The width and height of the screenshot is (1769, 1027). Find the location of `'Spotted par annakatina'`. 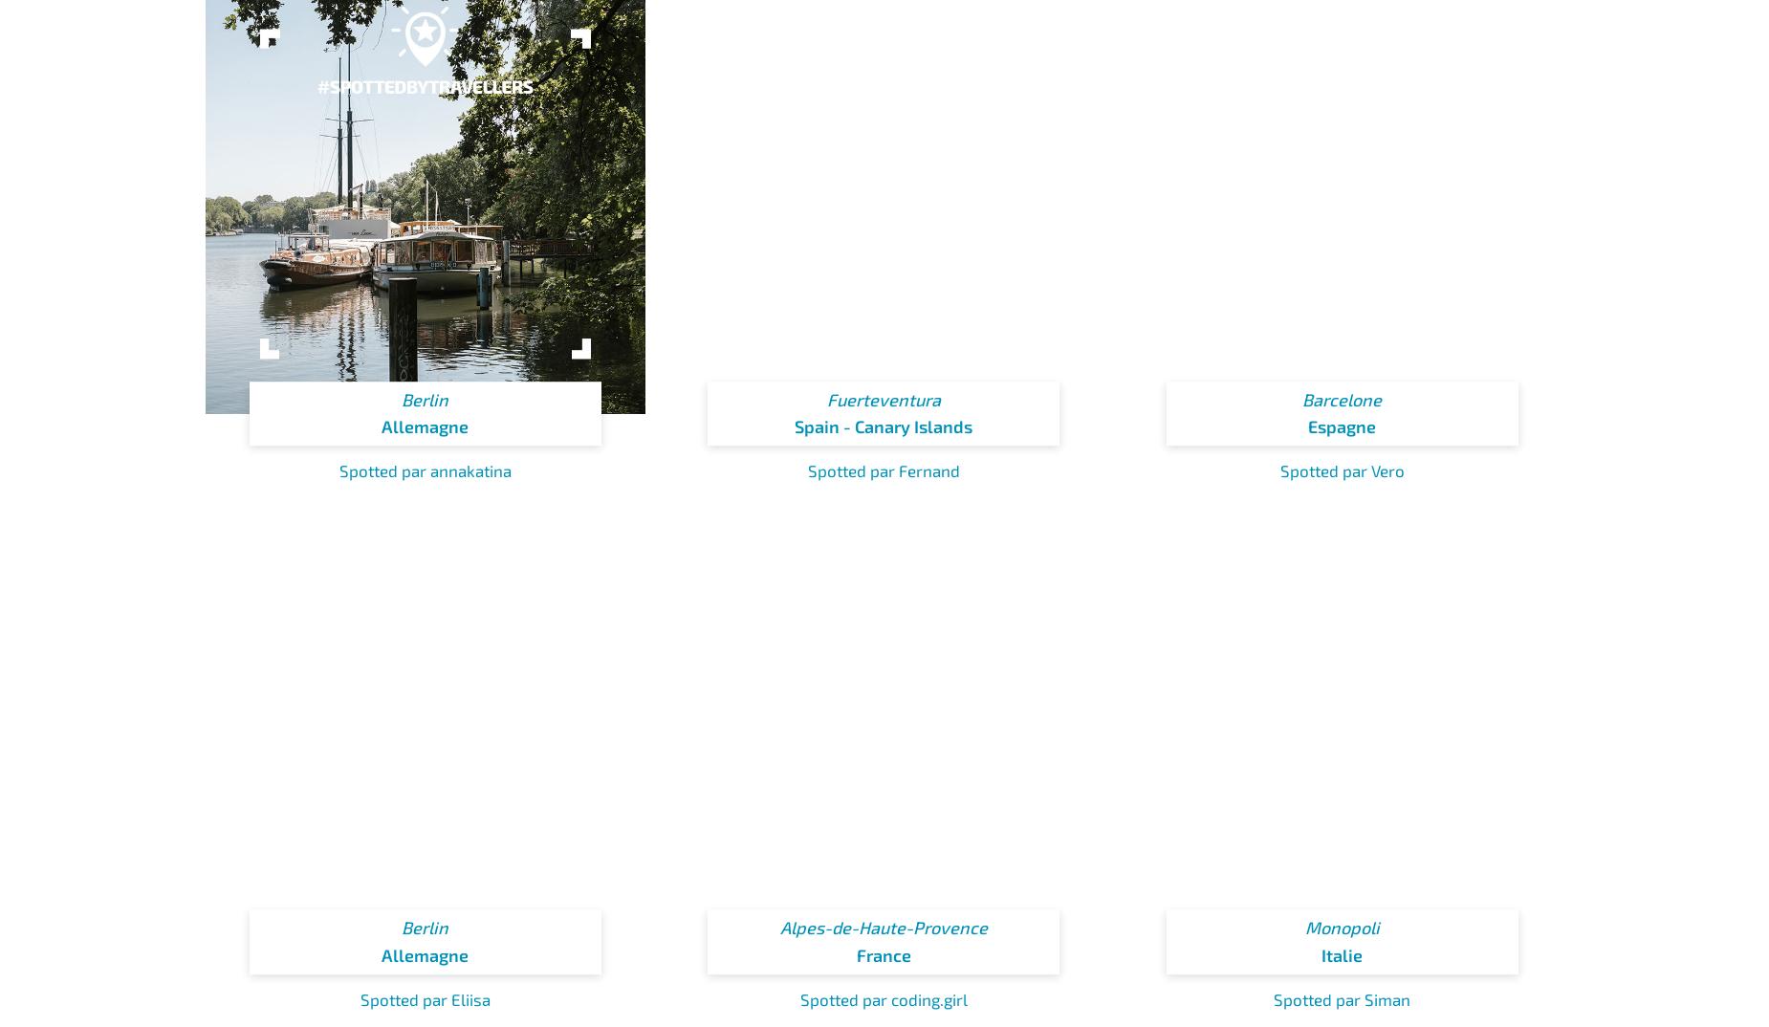

'Spotted par annakatina' is located at coordinates (424, 470).